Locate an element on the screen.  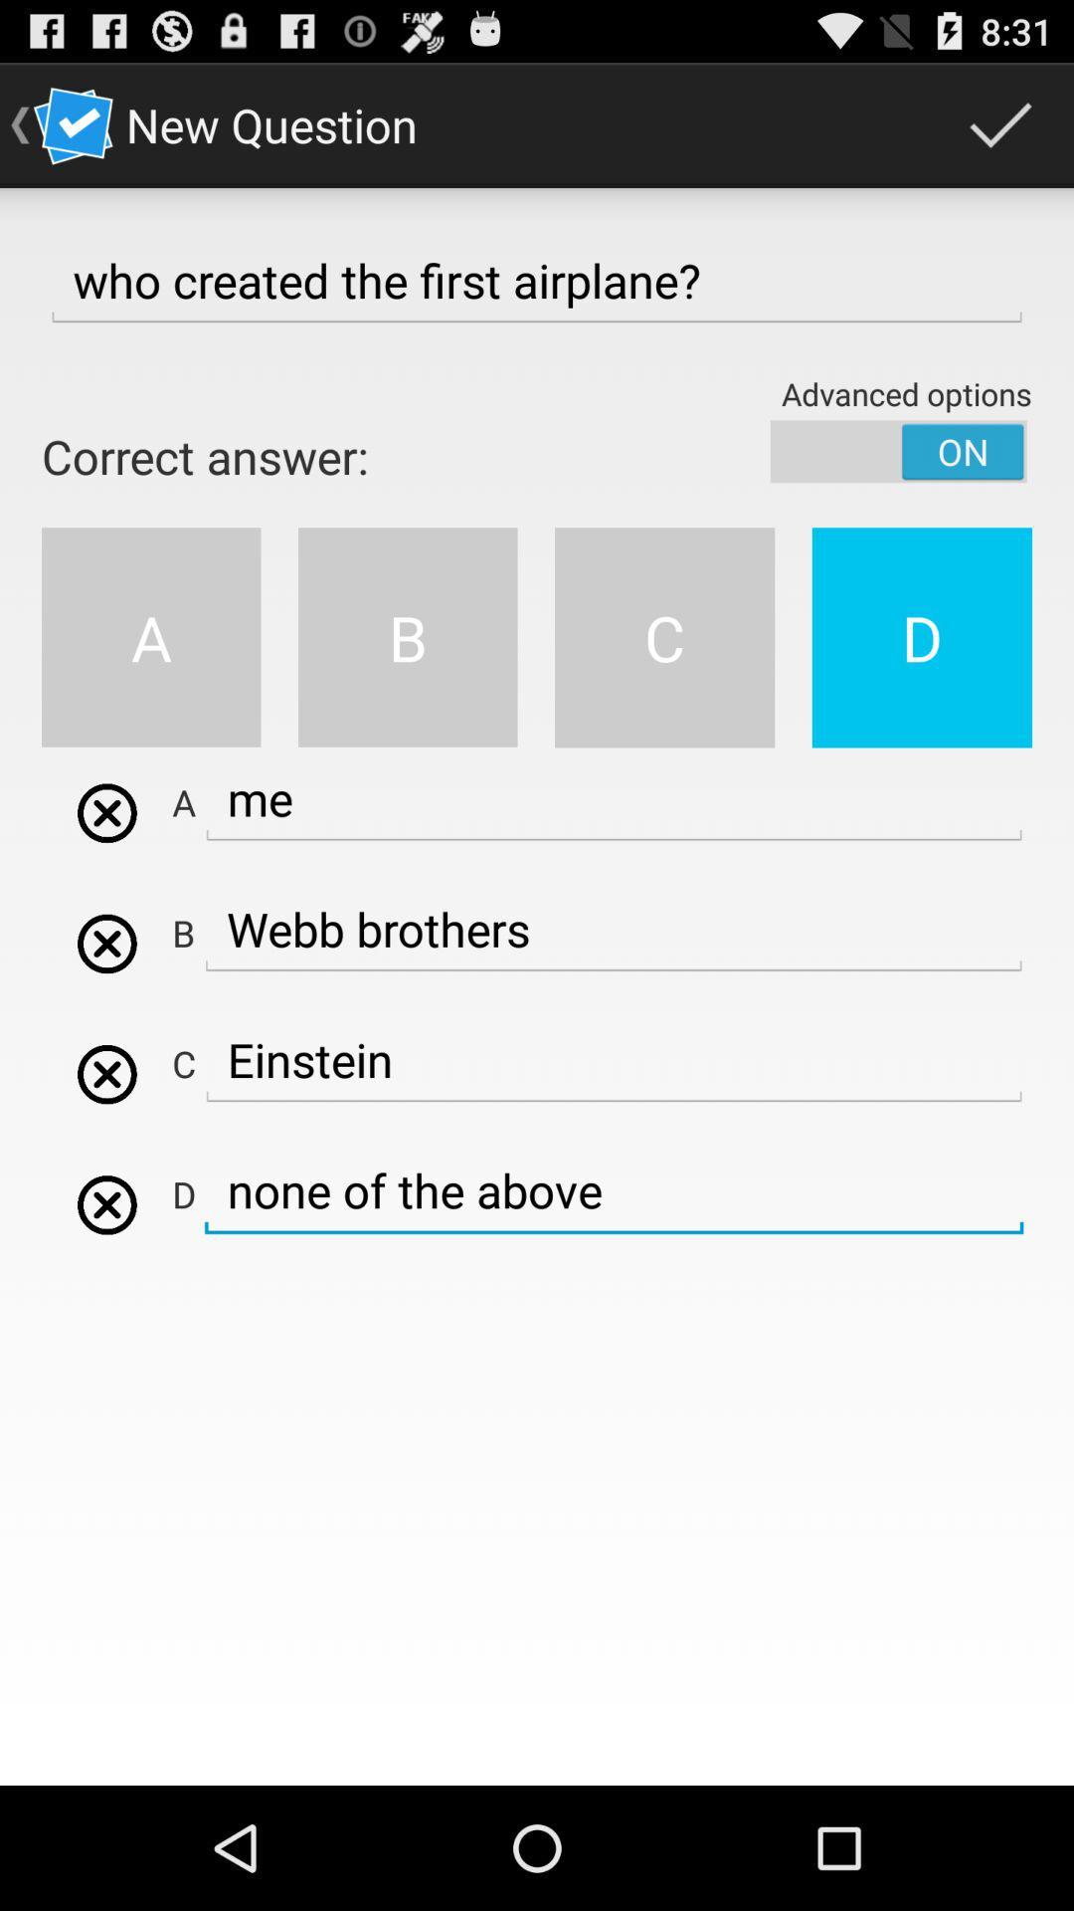
cancel button is located at coordinates (106, 813).